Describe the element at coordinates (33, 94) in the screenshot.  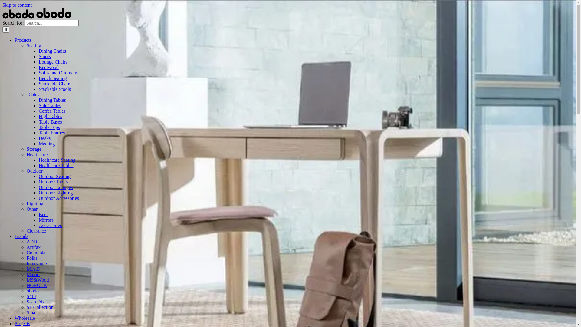
I see `'Tables'` at that location.